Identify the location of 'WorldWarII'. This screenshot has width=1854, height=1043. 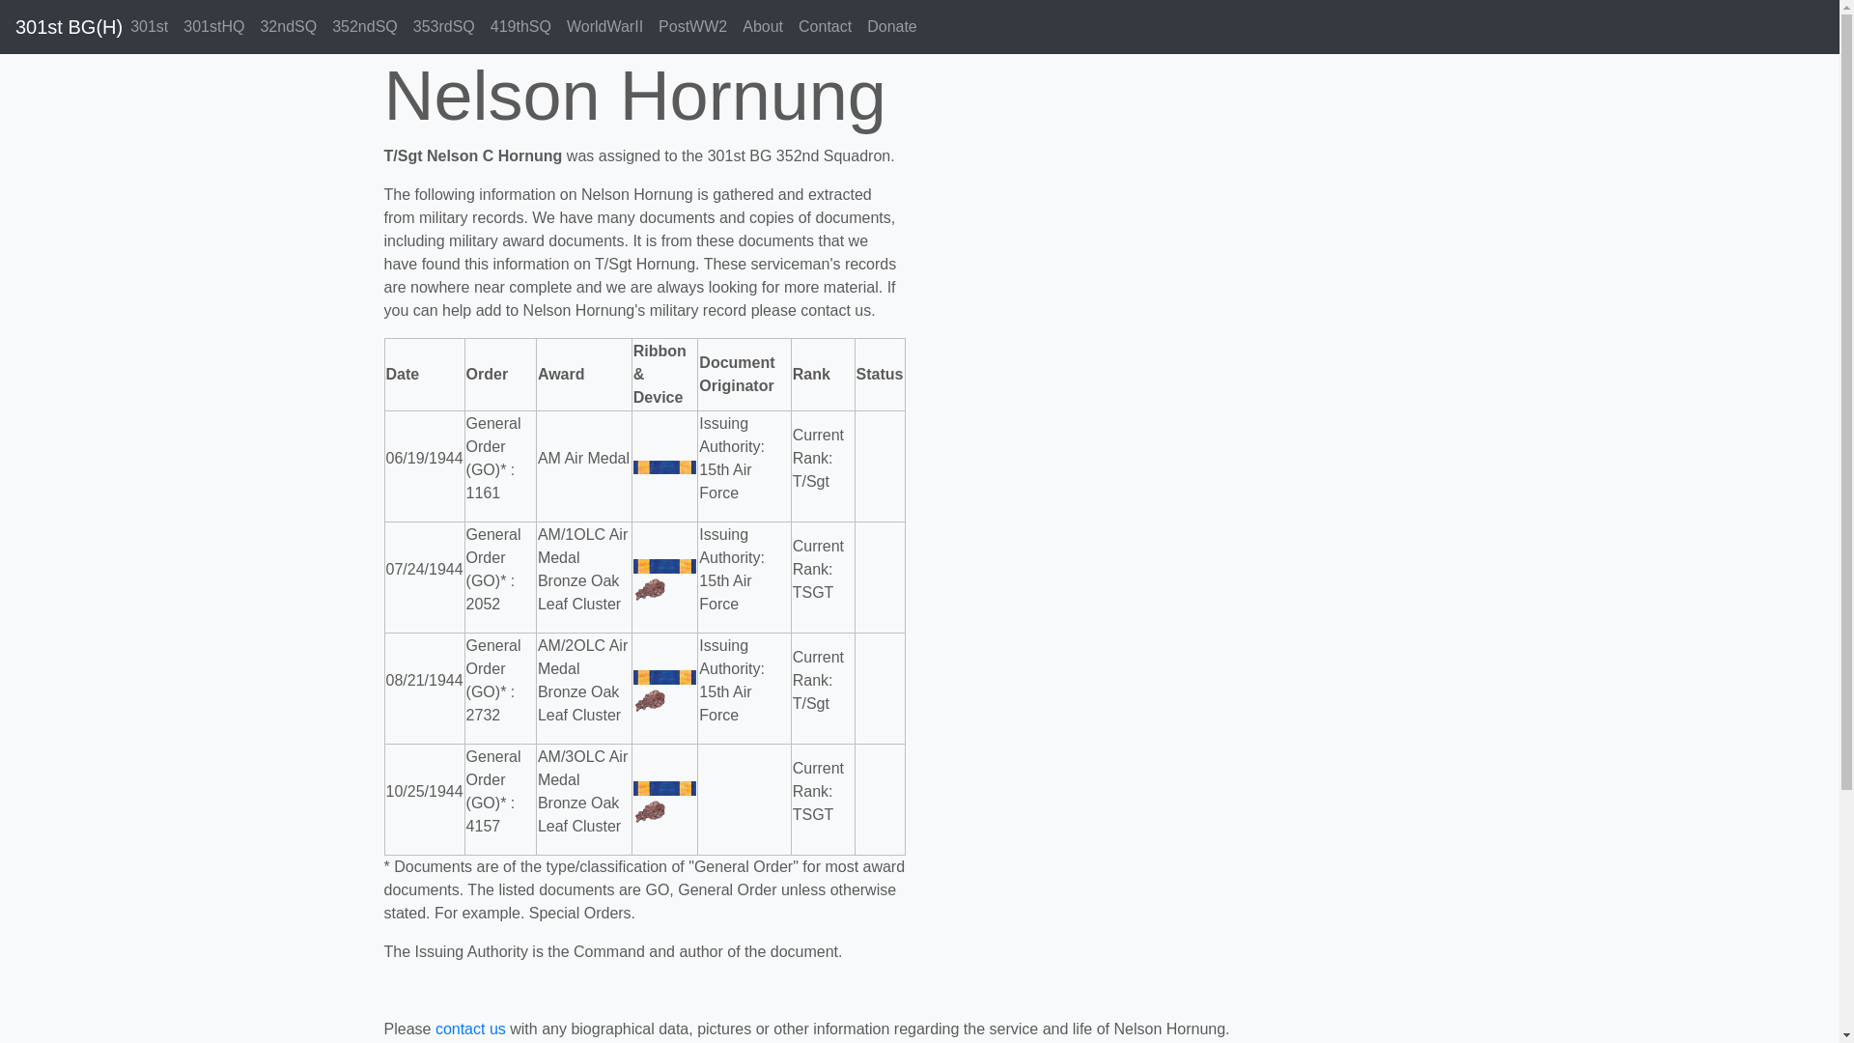
(604, 26).